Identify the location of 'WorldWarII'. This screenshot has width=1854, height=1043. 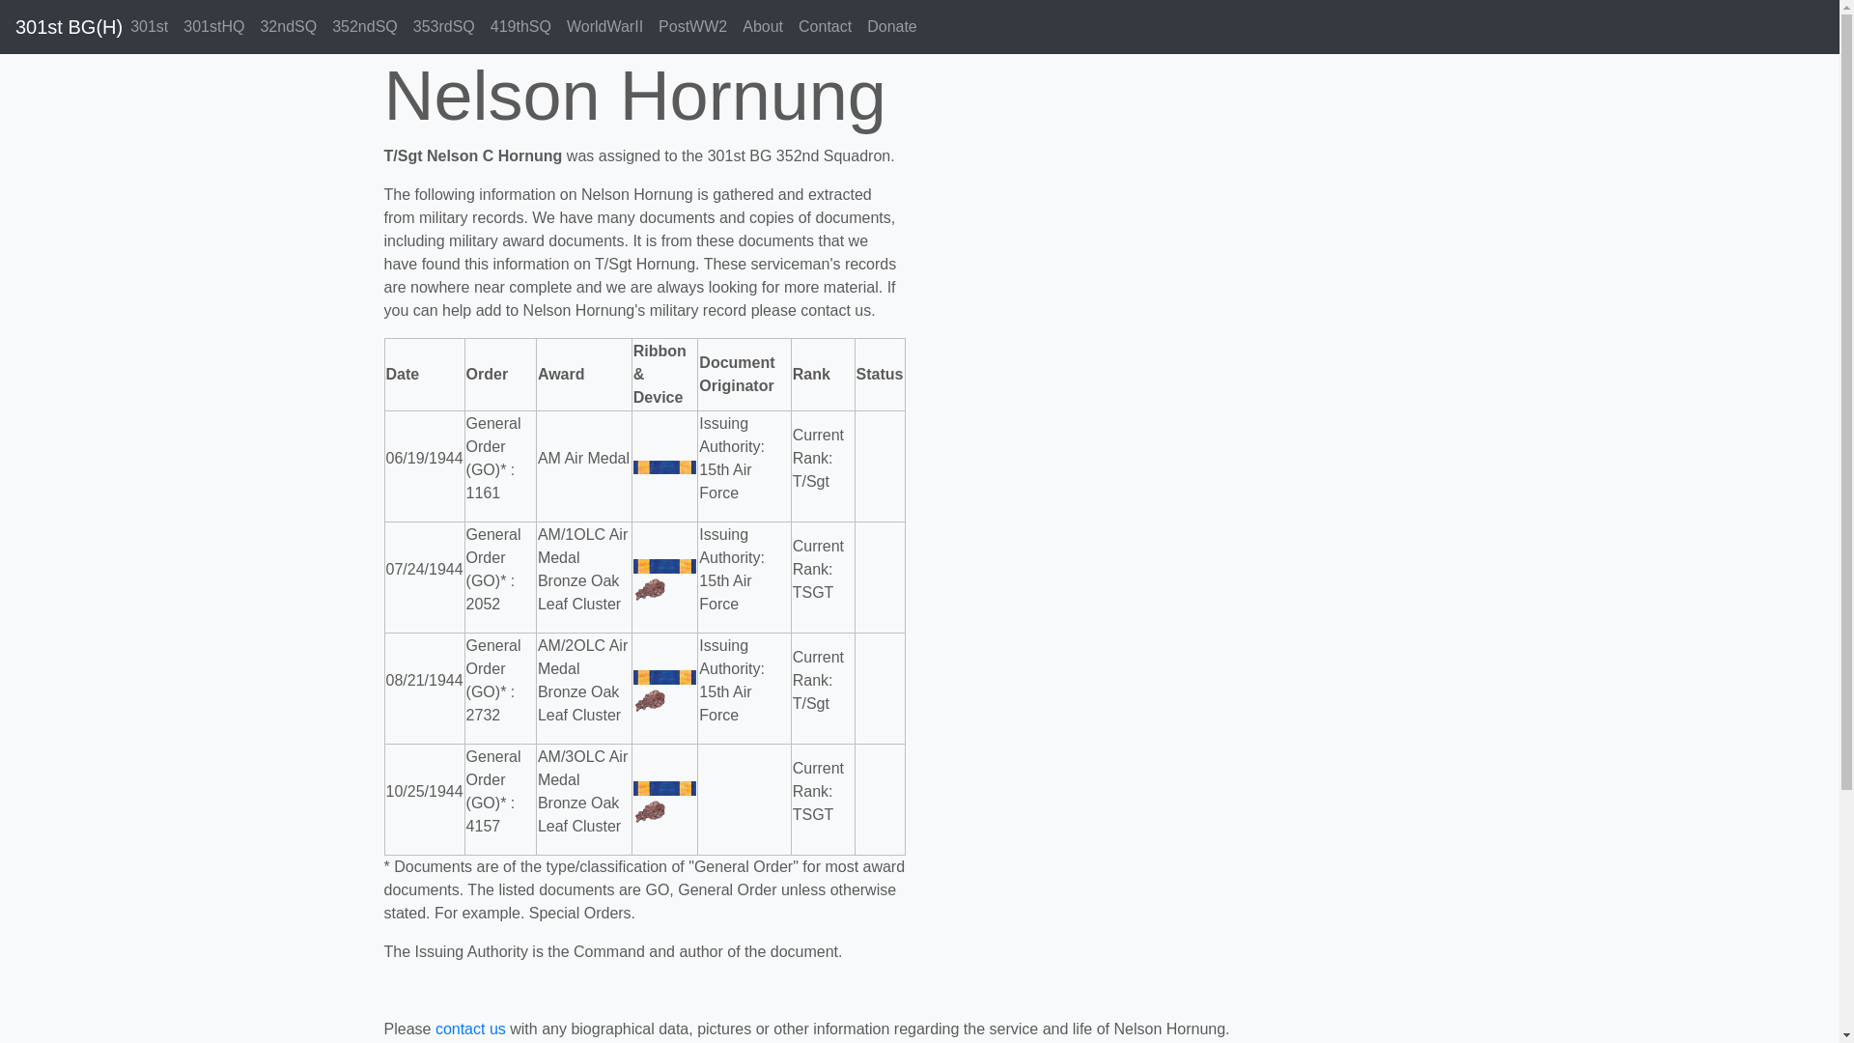
(604, 26).